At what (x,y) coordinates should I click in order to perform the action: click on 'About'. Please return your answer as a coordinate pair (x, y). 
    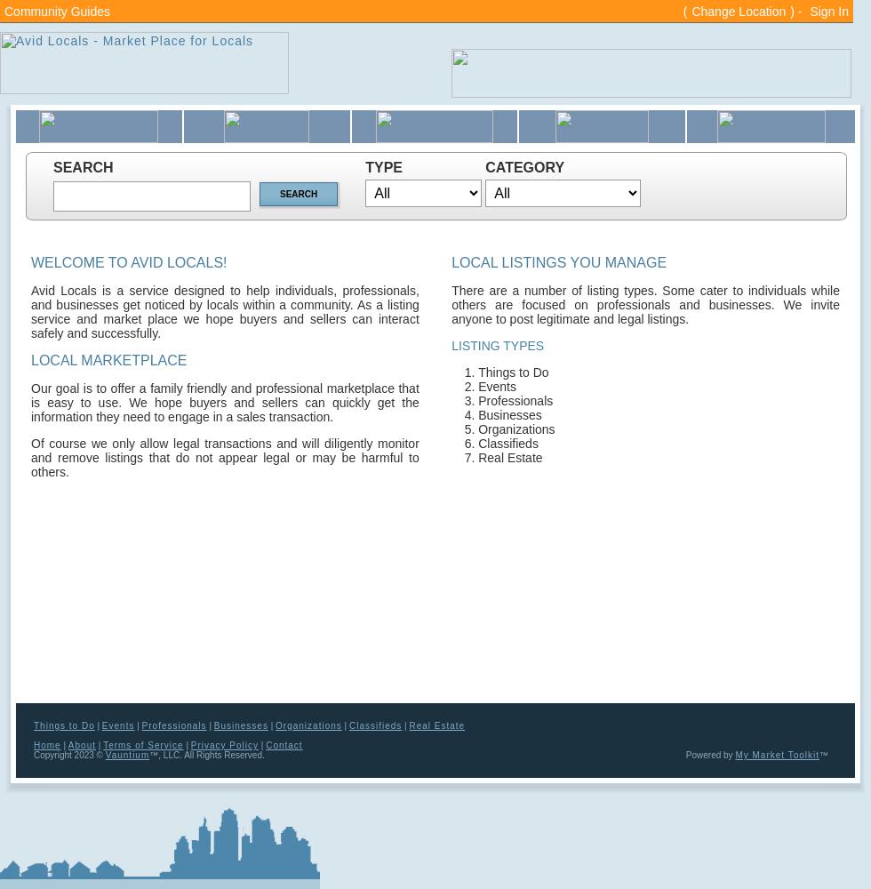
    Looking at the image, I should click on (81, 744).